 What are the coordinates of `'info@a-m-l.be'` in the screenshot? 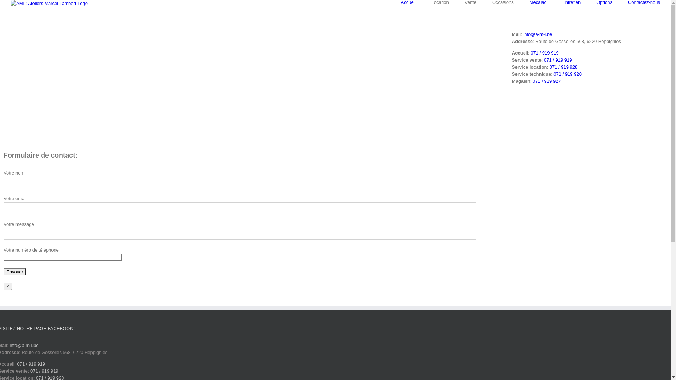 It's located at (537, 34).